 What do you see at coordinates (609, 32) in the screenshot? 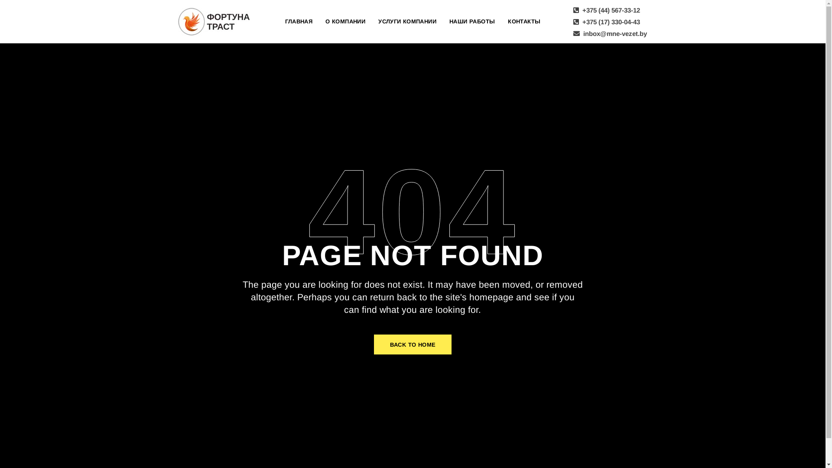
I see `' inbox@mne-vezet.by'` at bounding box center [609, 32].